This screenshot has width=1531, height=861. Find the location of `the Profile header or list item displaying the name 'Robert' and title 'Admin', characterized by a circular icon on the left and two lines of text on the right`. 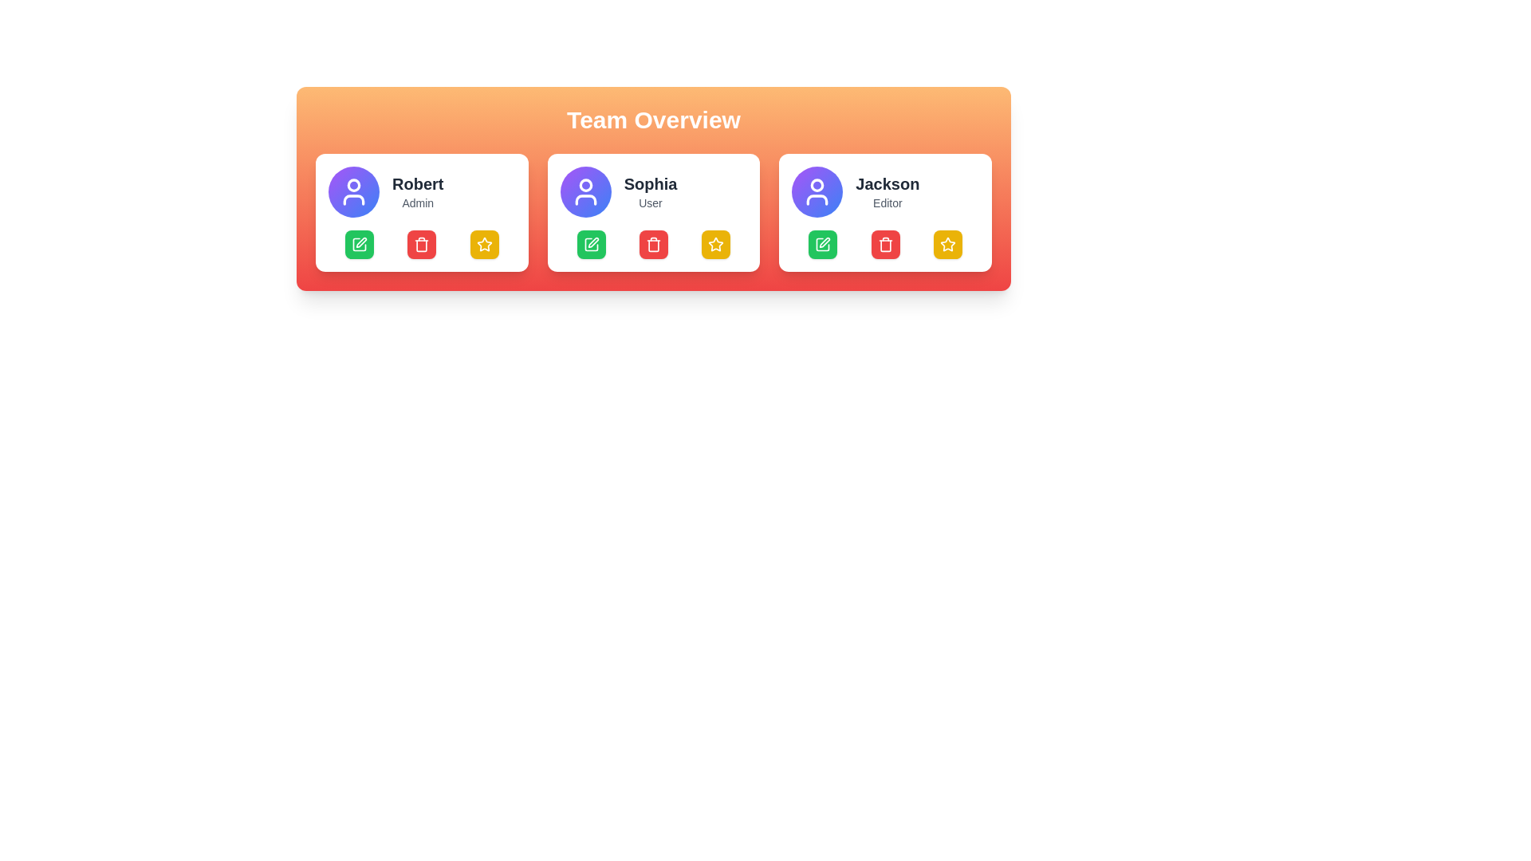

the Profile header or list item displaying the name 'Robert' and title 'Admin', characterized by a circular icon on the left and two lines of text on the right is located at coordinates (422, 191).